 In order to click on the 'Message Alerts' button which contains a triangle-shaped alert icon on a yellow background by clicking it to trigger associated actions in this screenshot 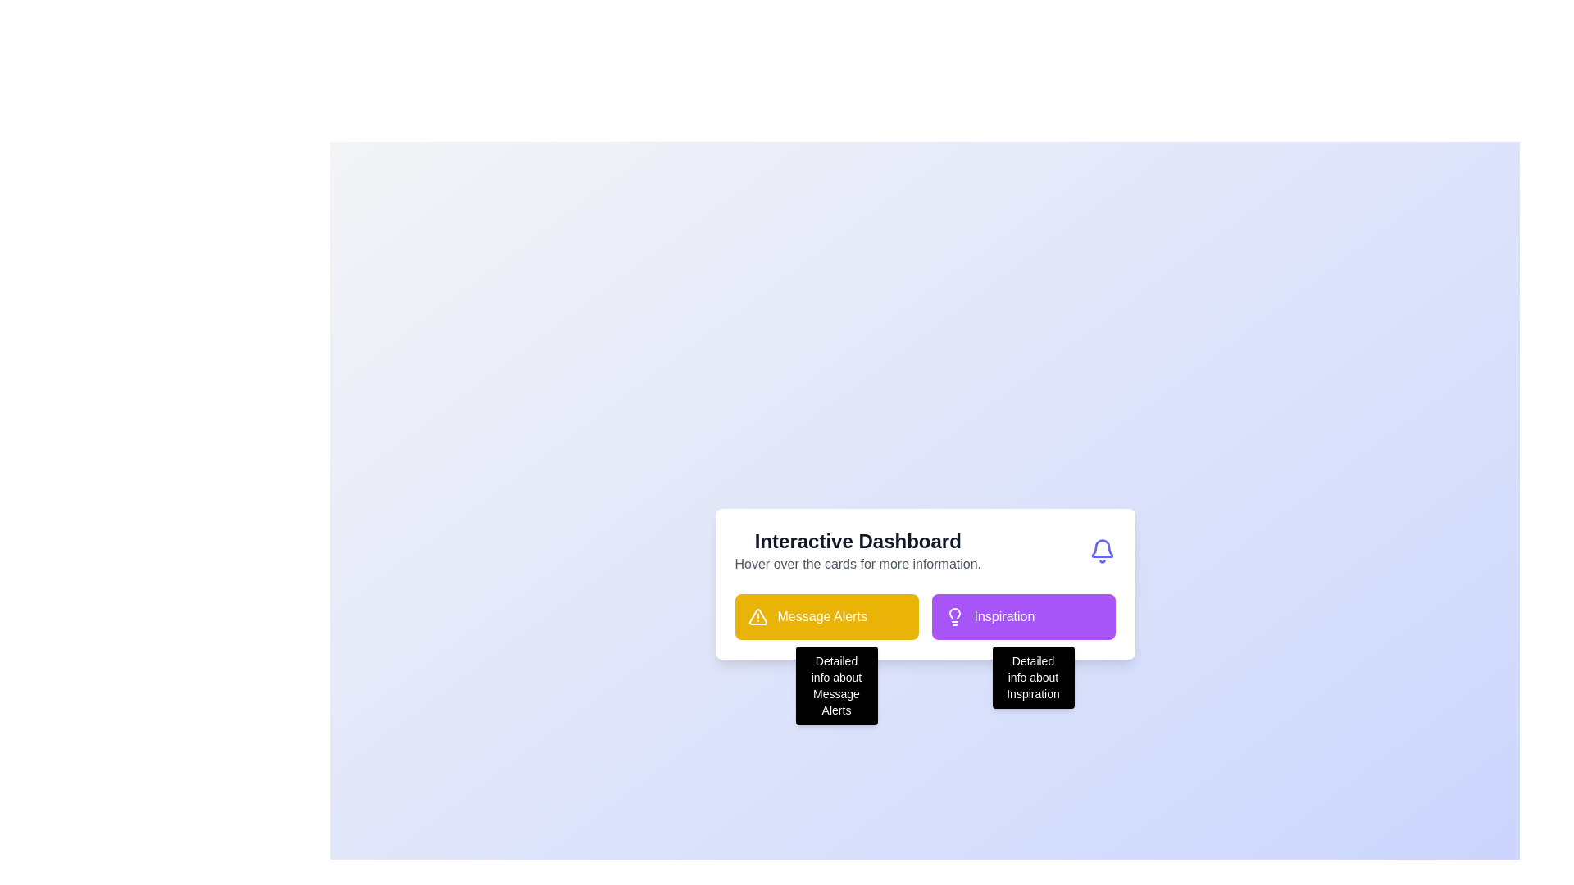, I will do `click(757, 616)`.